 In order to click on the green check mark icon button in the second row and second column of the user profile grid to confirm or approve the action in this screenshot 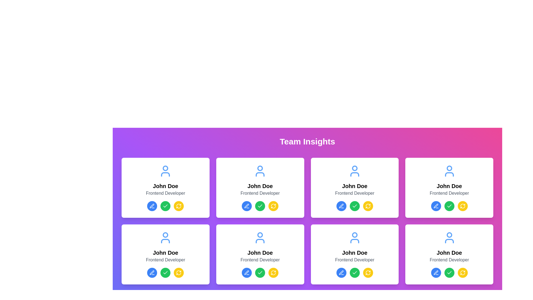, I will do `click(260, 272)`.